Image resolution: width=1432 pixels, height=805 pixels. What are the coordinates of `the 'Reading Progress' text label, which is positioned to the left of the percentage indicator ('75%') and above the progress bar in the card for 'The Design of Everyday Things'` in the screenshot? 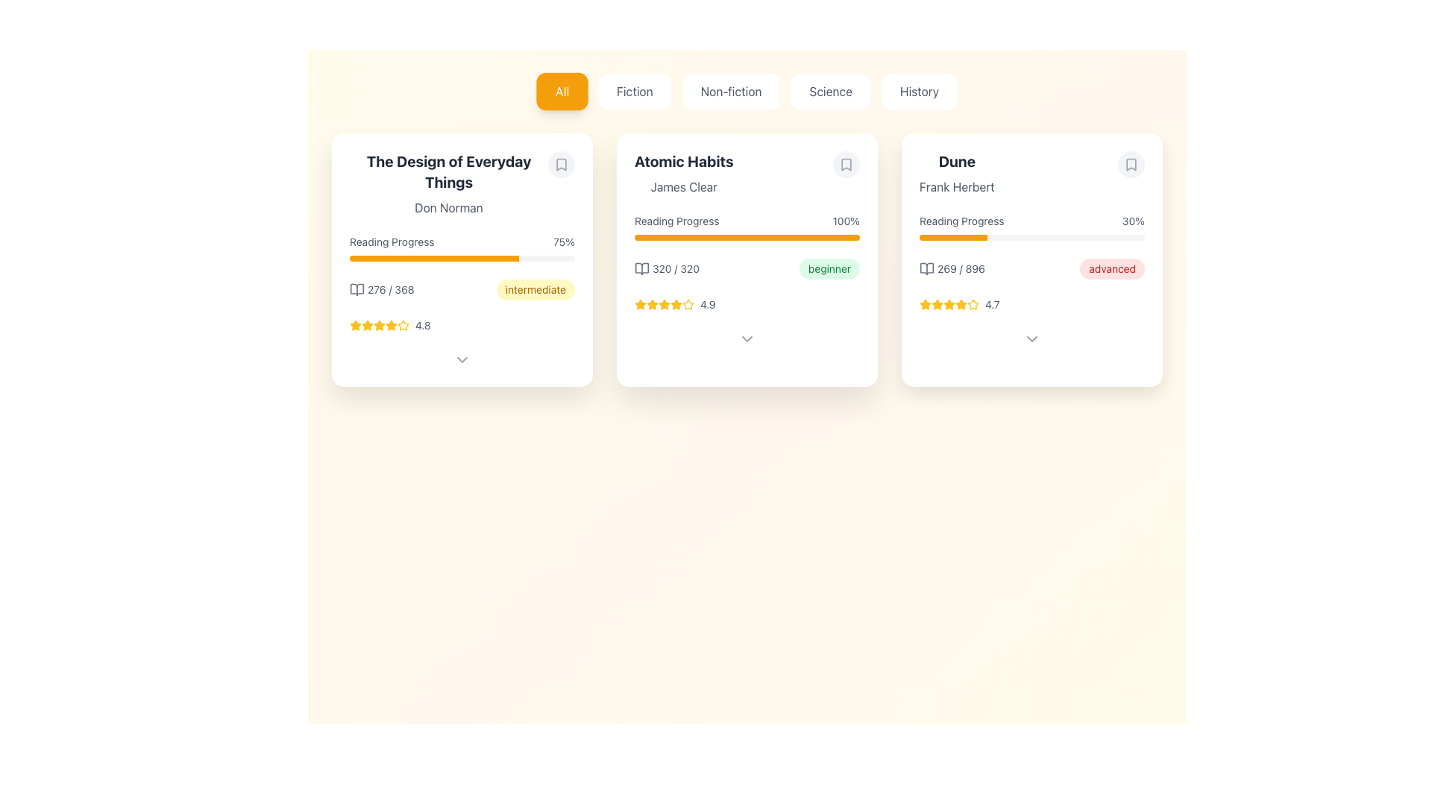 It's located at (392, 241).